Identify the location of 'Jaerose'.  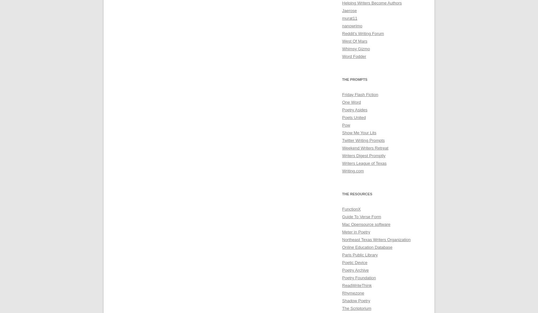
(349, 10).